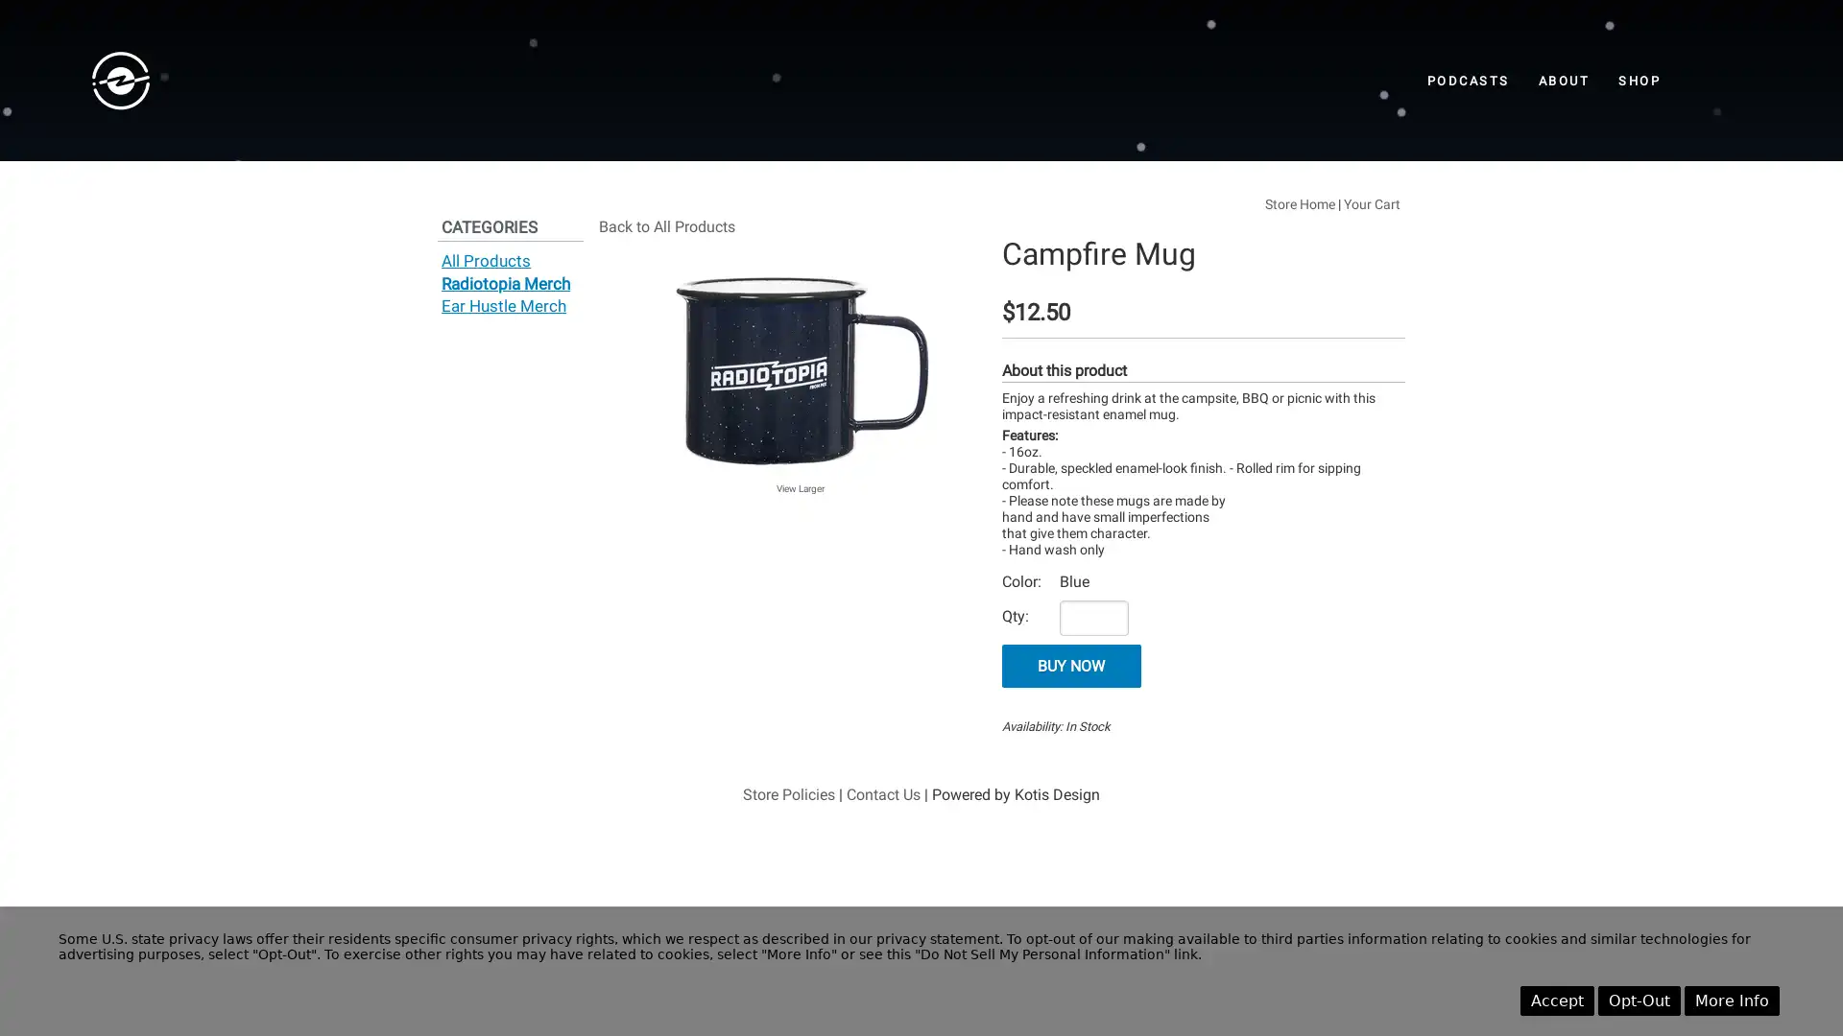 This screenshot has width=1843, height=1036. What do you see at coordinates (1639, 1000) in the screenshot?
I see `Opt-Out` at bounding box center [1639, 1000].